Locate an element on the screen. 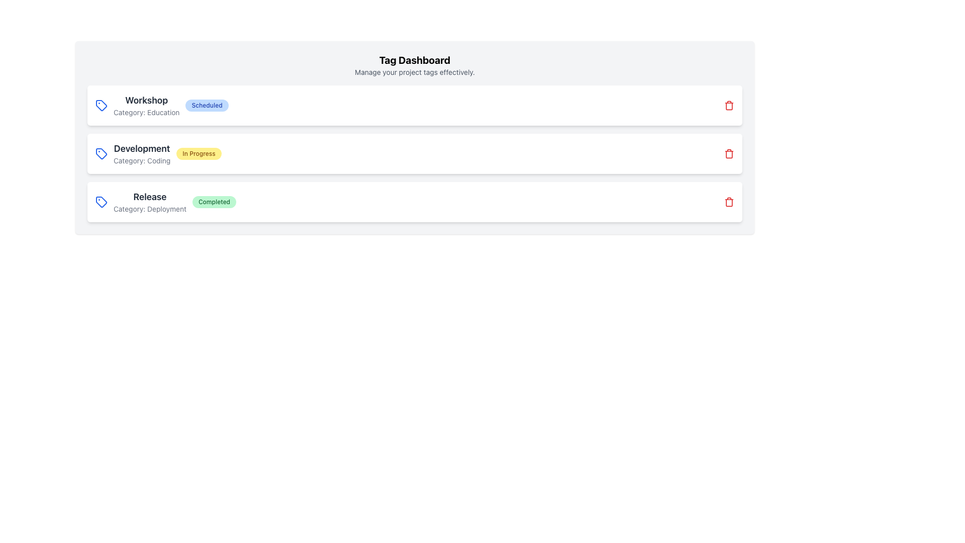  the instructional static text element located immediately below the 'Tag Dashboard' heading is located at coordinates (415, 71).